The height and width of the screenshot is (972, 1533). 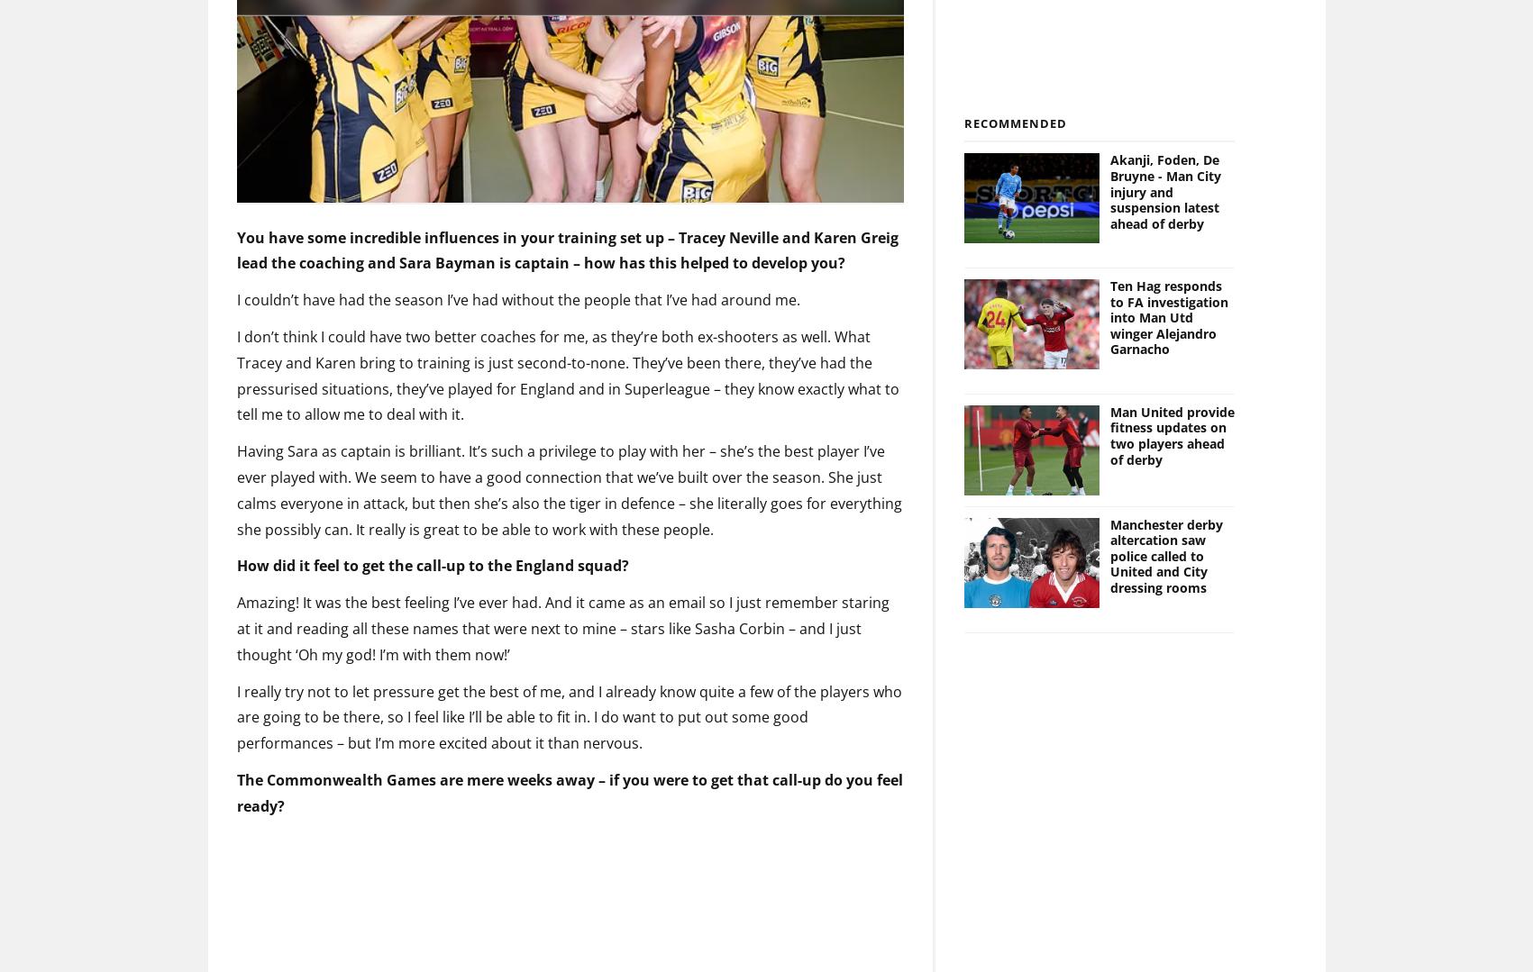 I want to click on 'Man United provide fitness updates on two players ahead of derby', so click(x=1110, y=405).